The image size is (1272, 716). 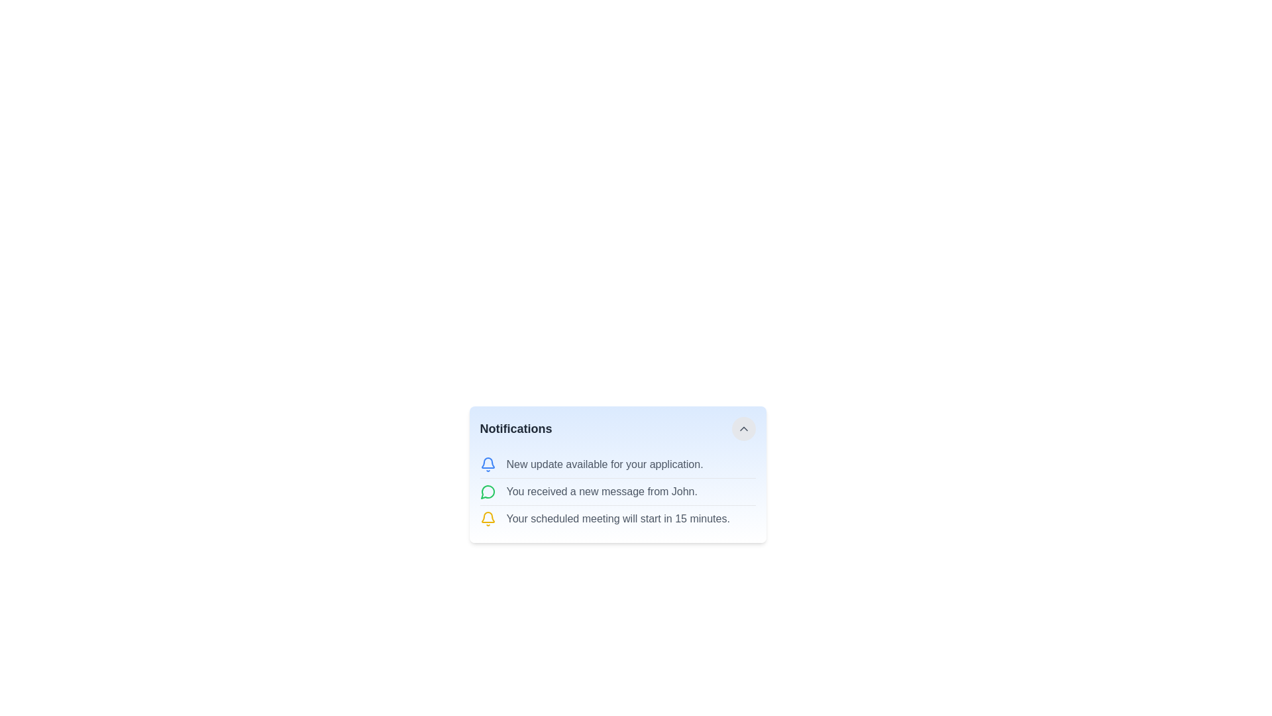 I want to click on the graphic icon that indicates notifications related to messages or conversations, located in the second notification item at the top right of the notifications module, so click(x=486, y=492).